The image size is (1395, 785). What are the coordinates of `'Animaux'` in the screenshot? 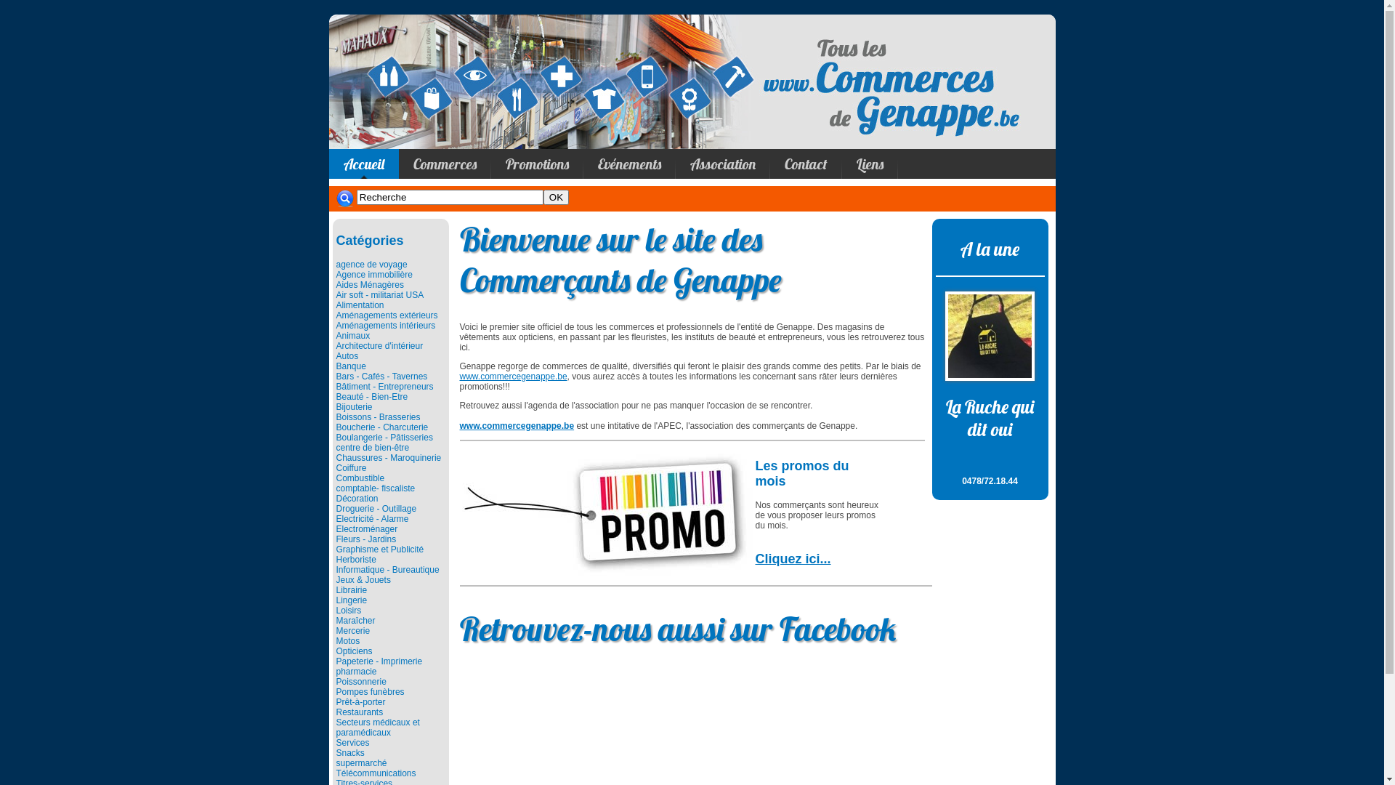 It's located at (352, 336).